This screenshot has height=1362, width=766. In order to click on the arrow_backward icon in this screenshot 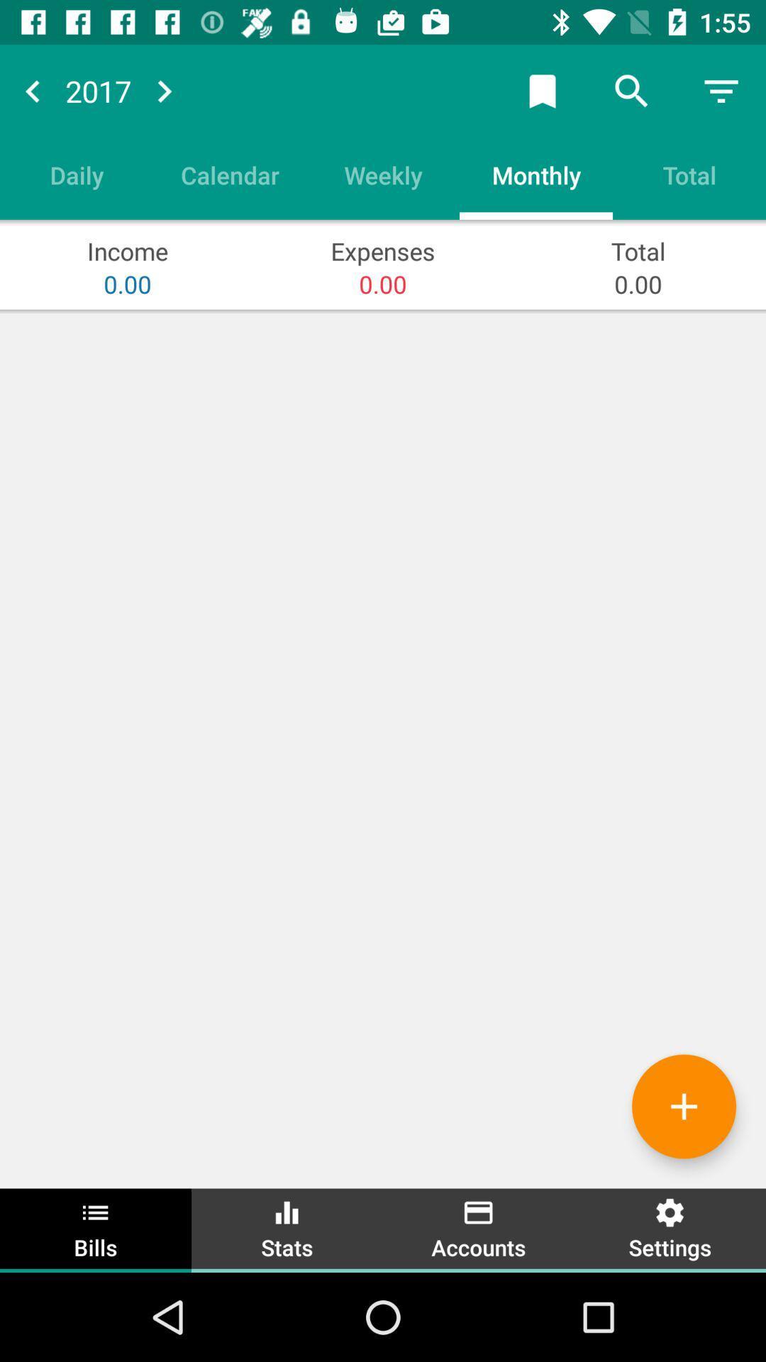, I will do `click(32, 90)`.